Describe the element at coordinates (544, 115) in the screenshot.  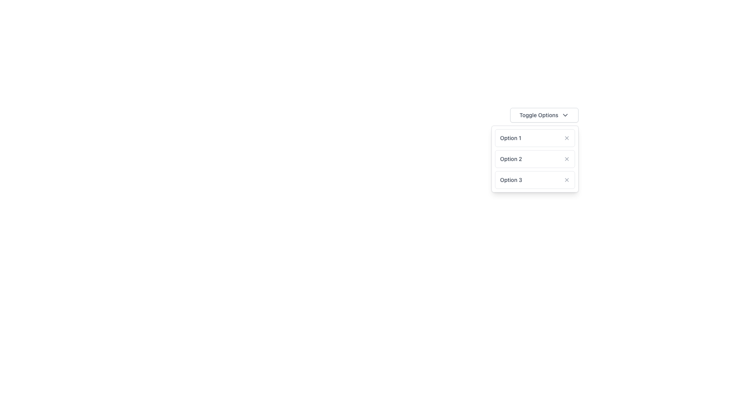
I see `the Dropdown Toggle Button located near the top of the vertical layout` at that location.